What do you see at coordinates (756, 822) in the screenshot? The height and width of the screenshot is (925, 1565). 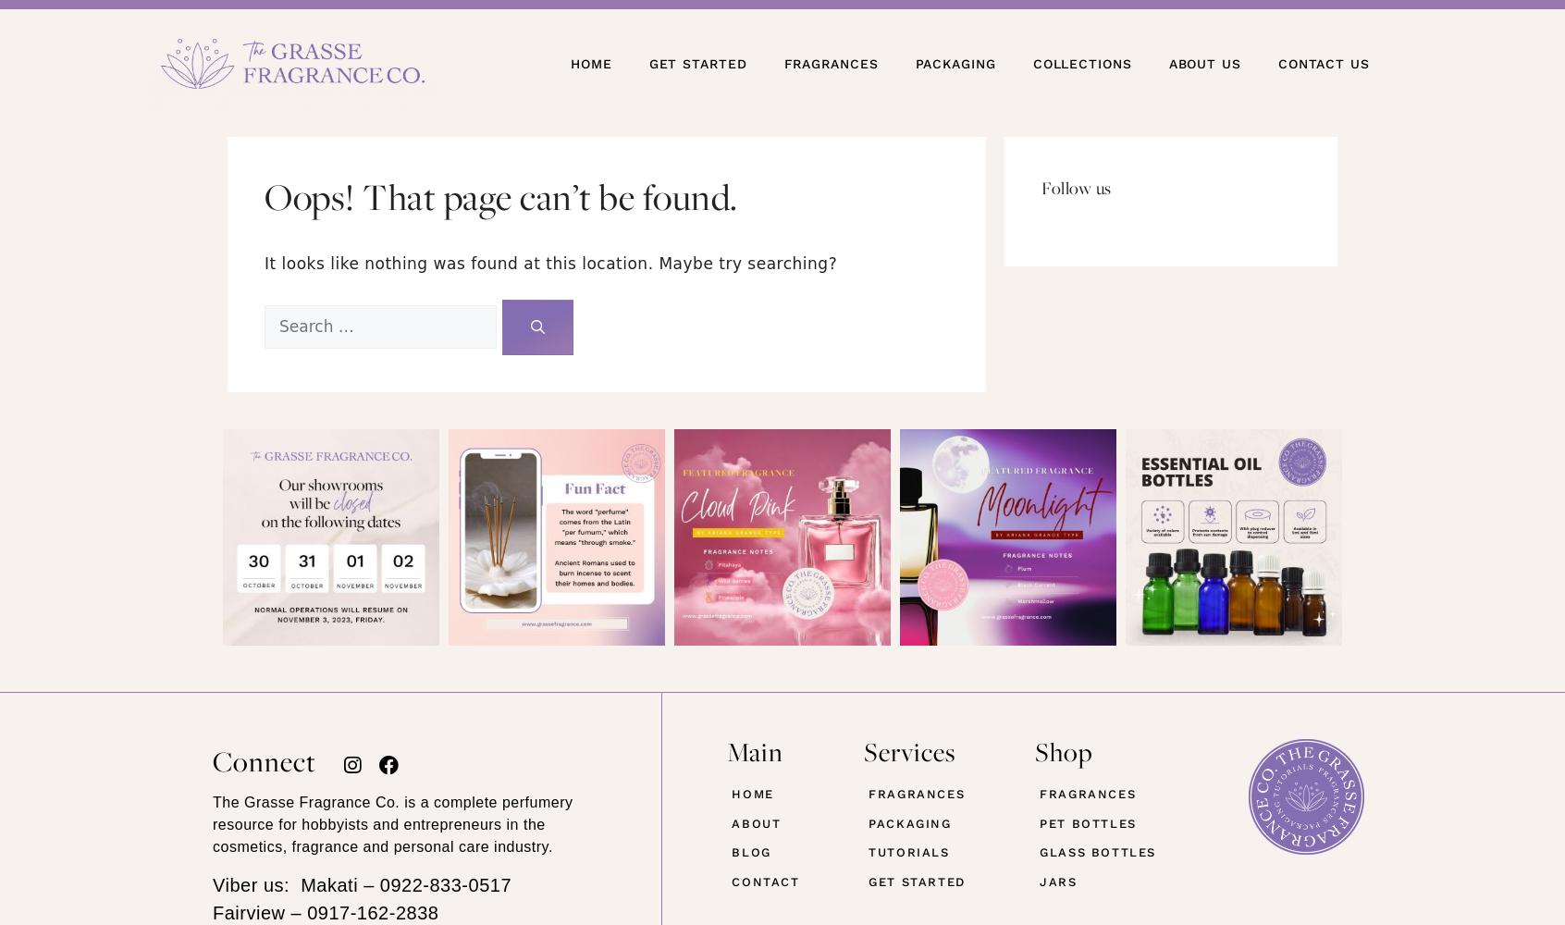 I see `'ABOUT'` at bounding box center [756, 822].